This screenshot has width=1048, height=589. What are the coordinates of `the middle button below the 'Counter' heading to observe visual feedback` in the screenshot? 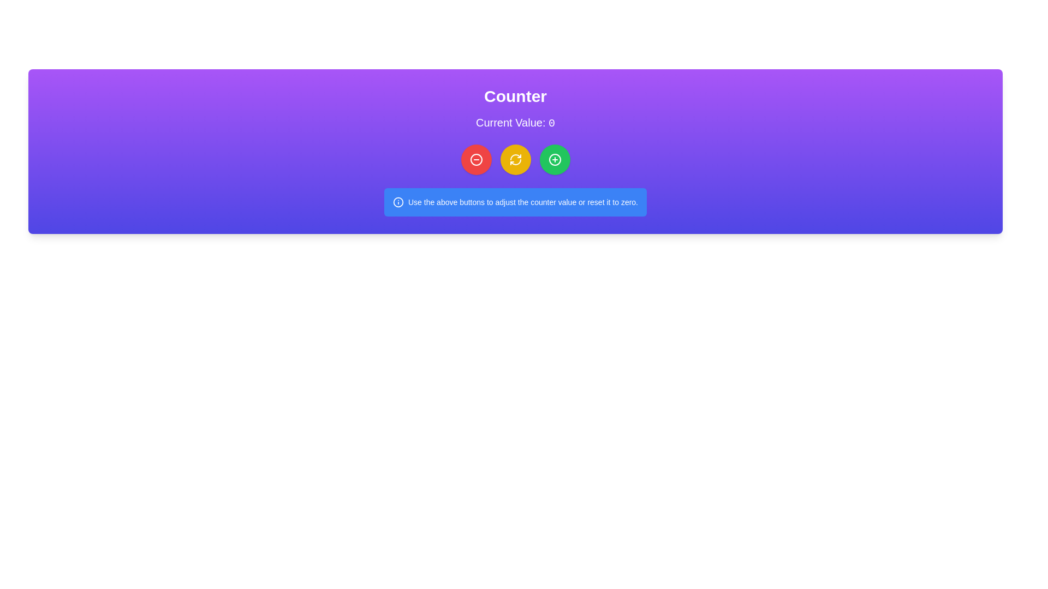 It's located at (515, 160).